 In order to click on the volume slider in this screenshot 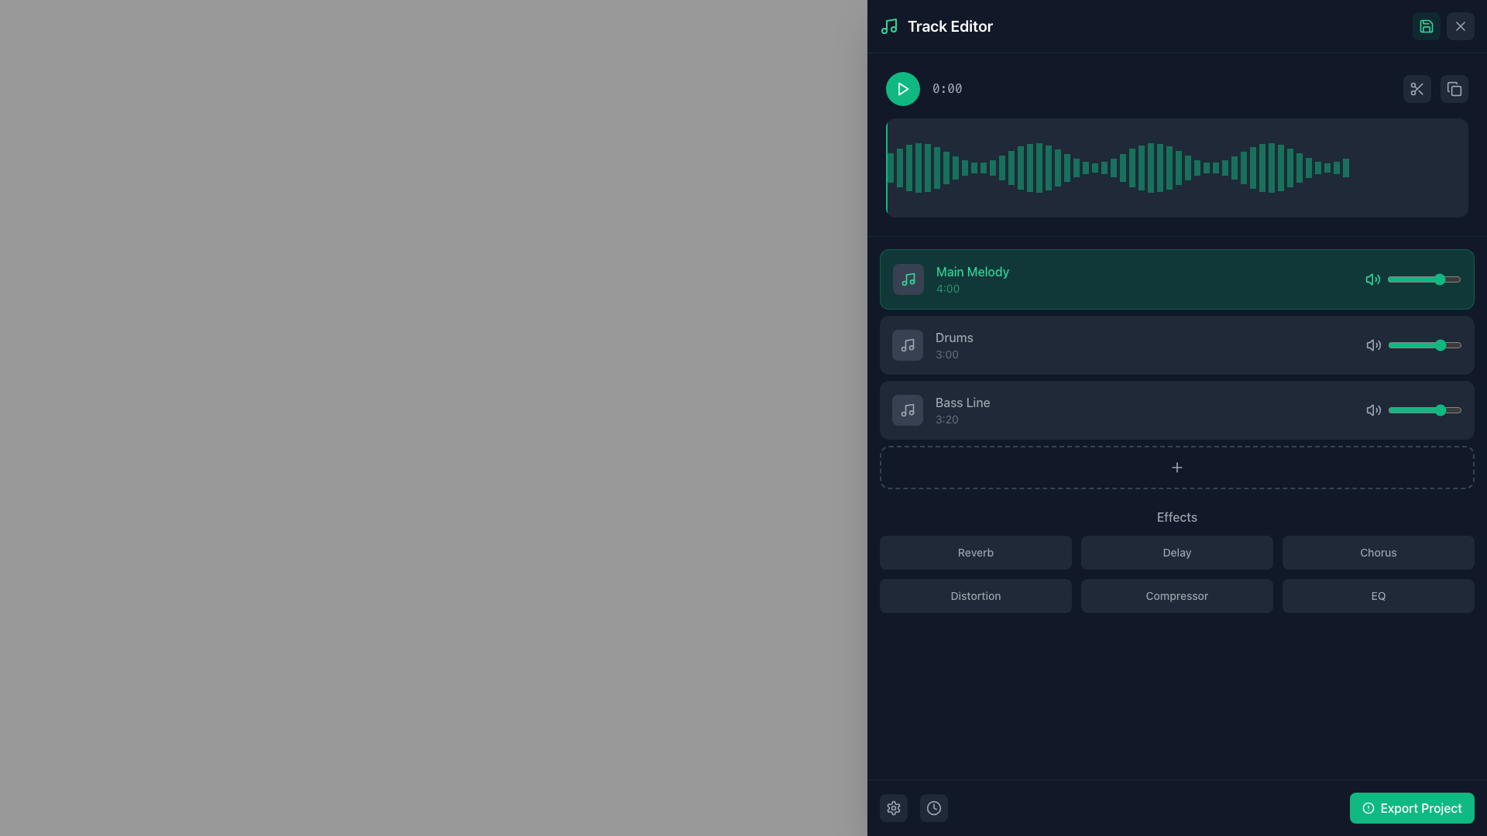, I will do `click(1450, 344)`.